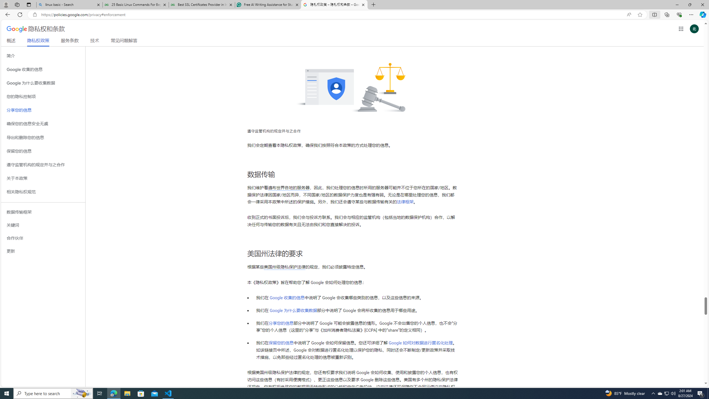 The image size is (709, 399). Describe the element at coordinates (69, 4) in the screenshot. I see `'linux basic - Search'` at that location.